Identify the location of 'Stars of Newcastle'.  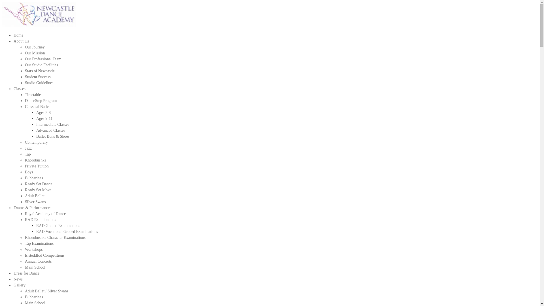
(39, 71).